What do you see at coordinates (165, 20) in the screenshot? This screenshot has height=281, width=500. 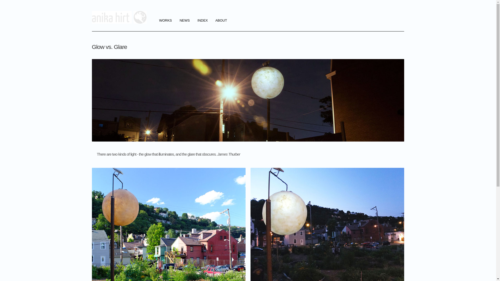 I see `'WORKS'` at bounding box center [165, 20].